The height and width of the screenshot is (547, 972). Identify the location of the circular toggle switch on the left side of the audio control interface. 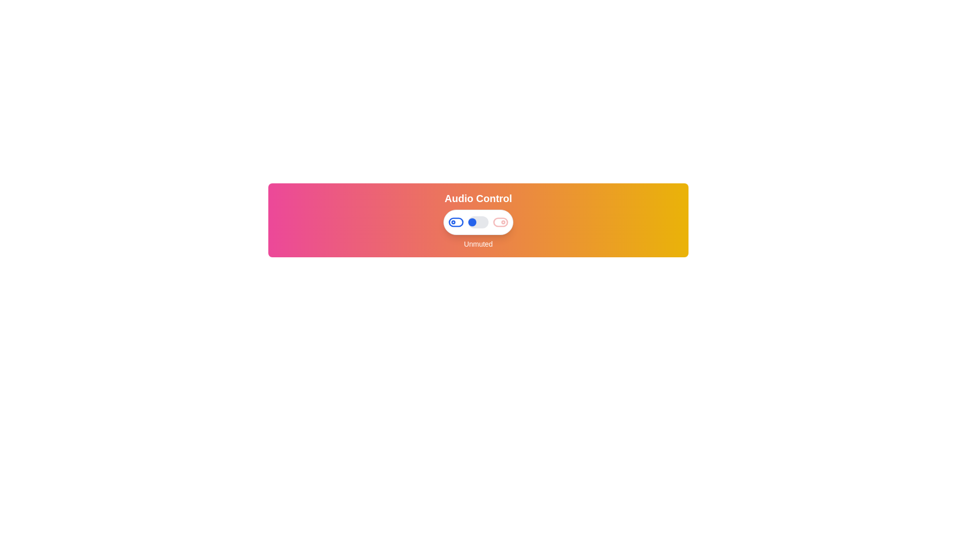
(471, 222).